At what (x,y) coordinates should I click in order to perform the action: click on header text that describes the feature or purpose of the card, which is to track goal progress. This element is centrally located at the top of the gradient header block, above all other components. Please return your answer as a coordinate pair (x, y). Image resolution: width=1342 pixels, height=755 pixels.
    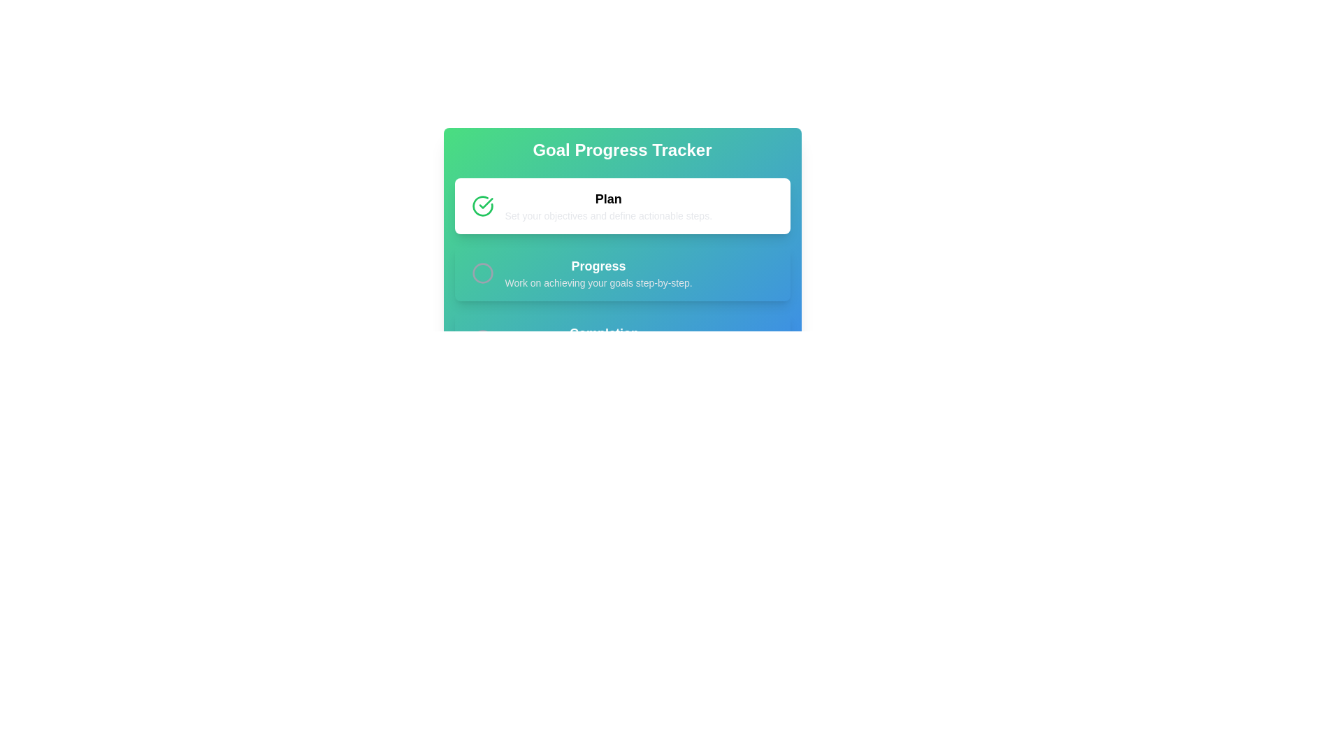
    Looking at the image, I should click on (621, 150).